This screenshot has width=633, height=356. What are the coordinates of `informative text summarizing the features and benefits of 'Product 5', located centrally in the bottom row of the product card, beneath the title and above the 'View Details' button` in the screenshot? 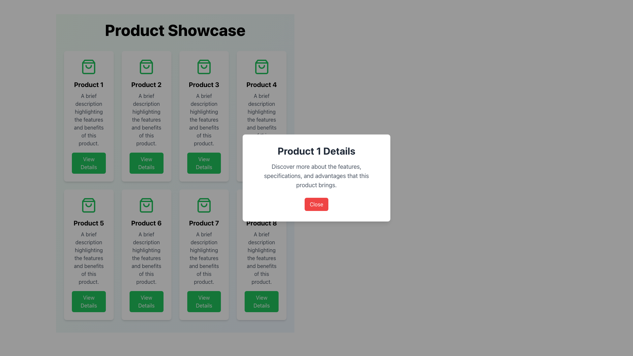 It's located at (88, 258).